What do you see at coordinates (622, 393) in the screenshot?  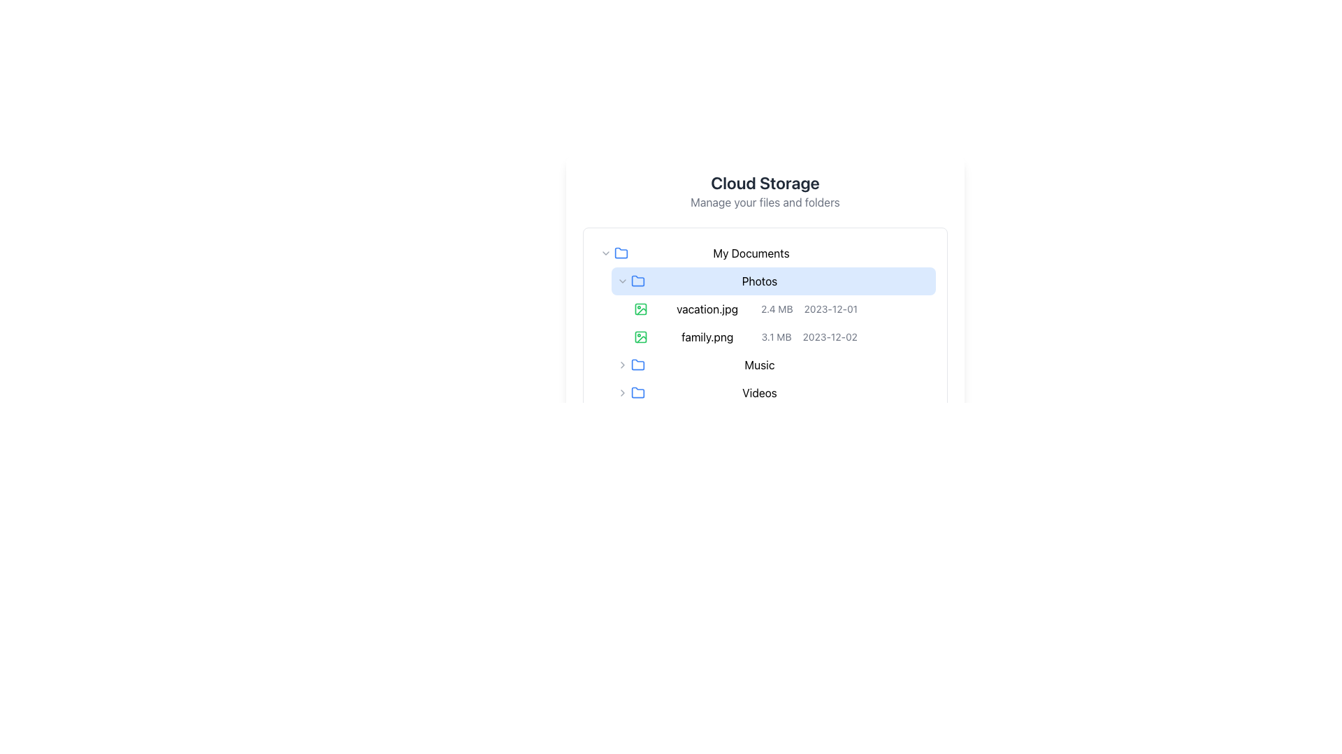 I see `the chevron icon located in the 'Videos' row of the file browser` at bounding box center [622, 393].